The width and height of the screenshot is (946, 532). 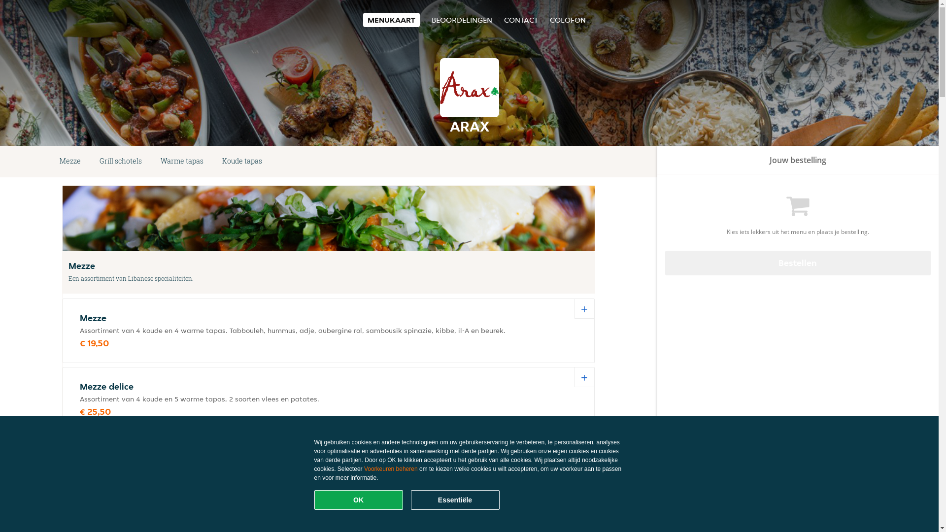 I want to click on 'Warme tapas', so click(x=182, y=161).